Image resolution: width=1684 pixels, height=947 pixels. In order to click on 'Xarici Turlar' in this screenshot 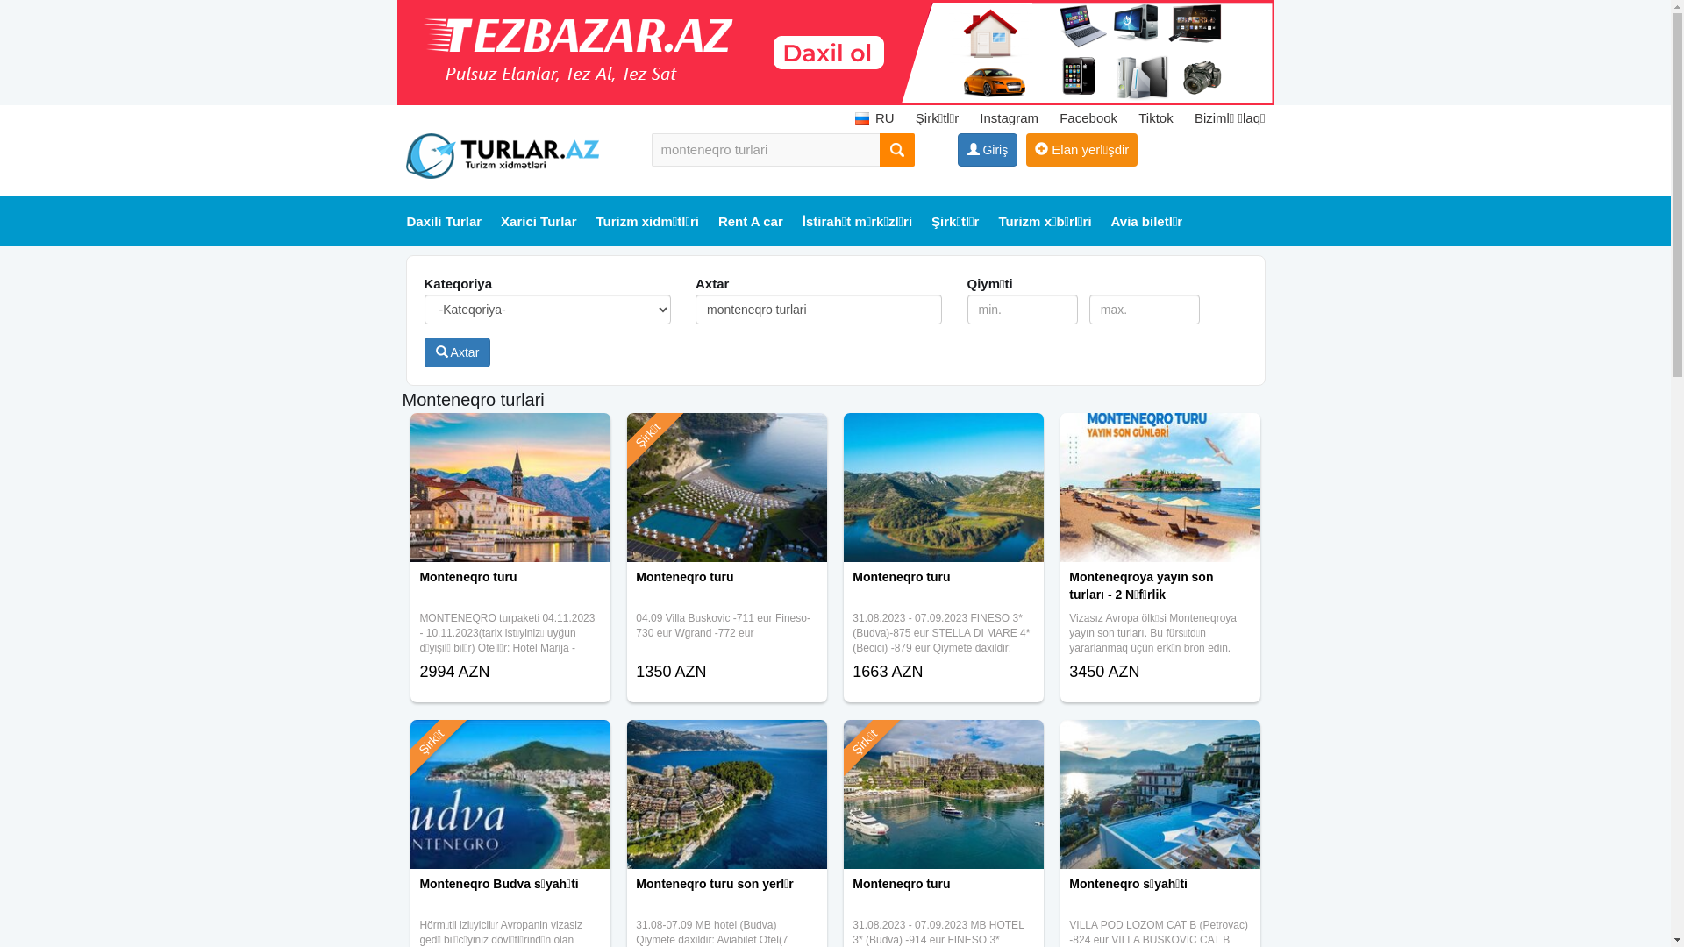, I will do `click(538, 221)`.